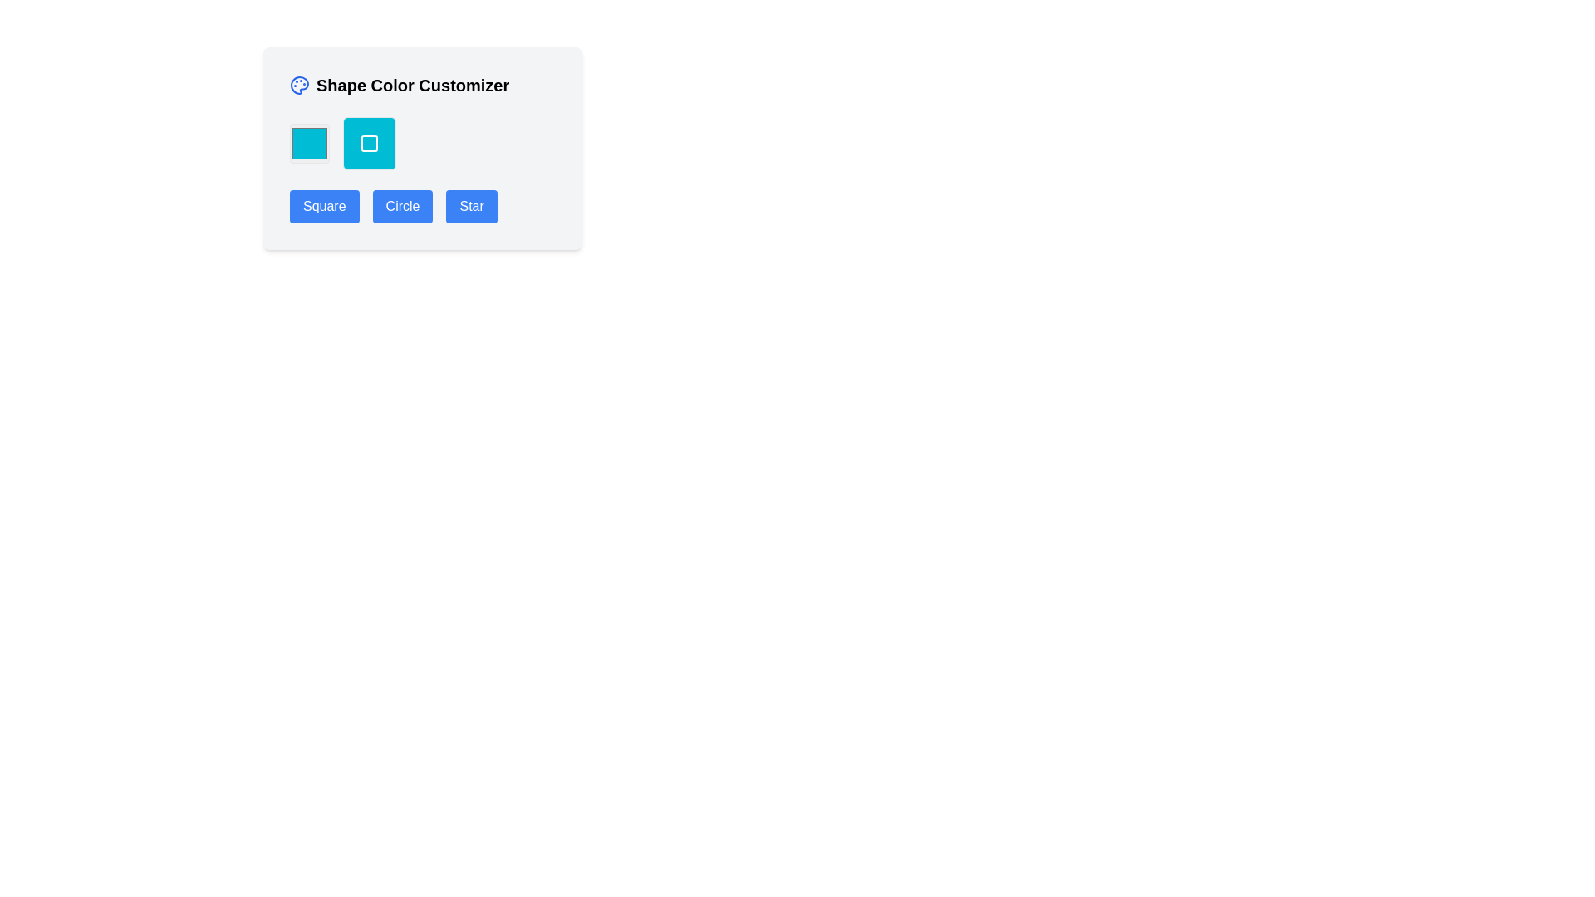  I want to click on the 'Circle' button with rounded corners and a blue background for keyboard focus, so click(402, 206).